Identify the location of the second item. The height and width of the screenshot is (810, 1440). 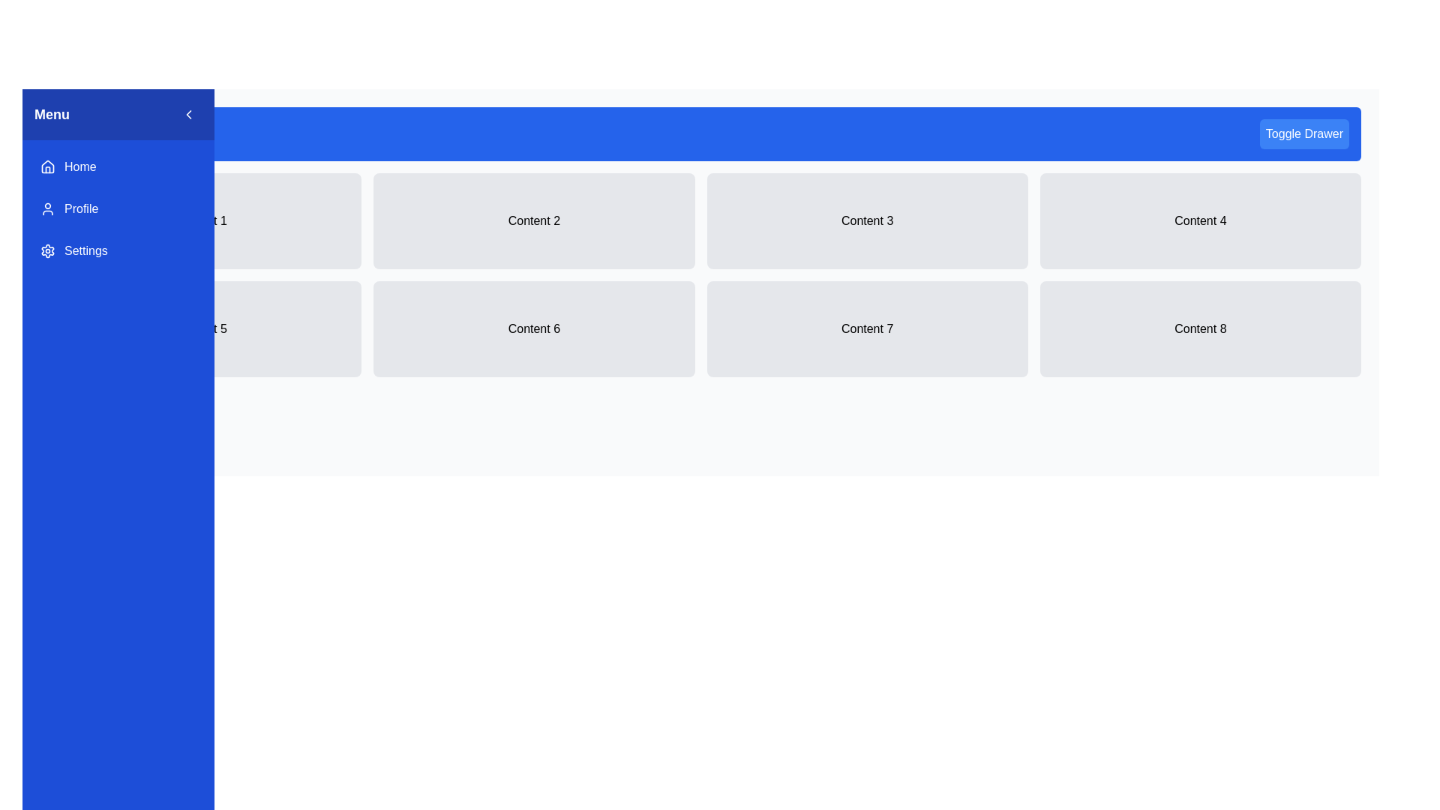
(118, 208).